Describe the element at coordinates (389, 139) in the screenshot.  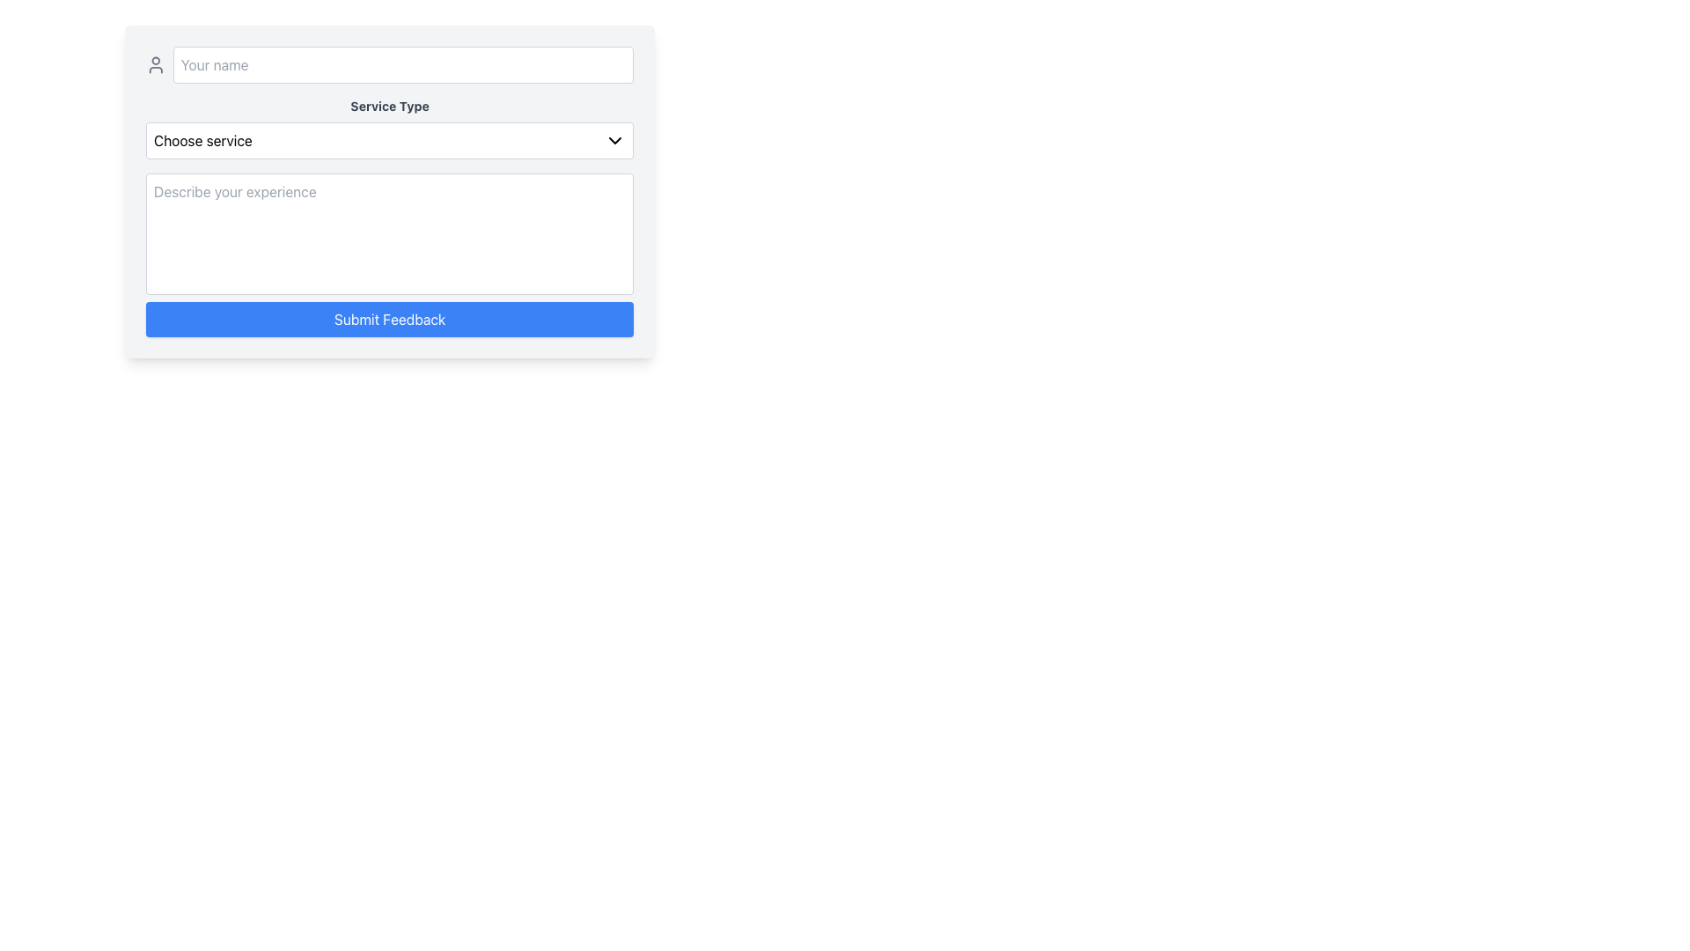
I see `the dropdown menu labeled 'Choose service'` at that location.